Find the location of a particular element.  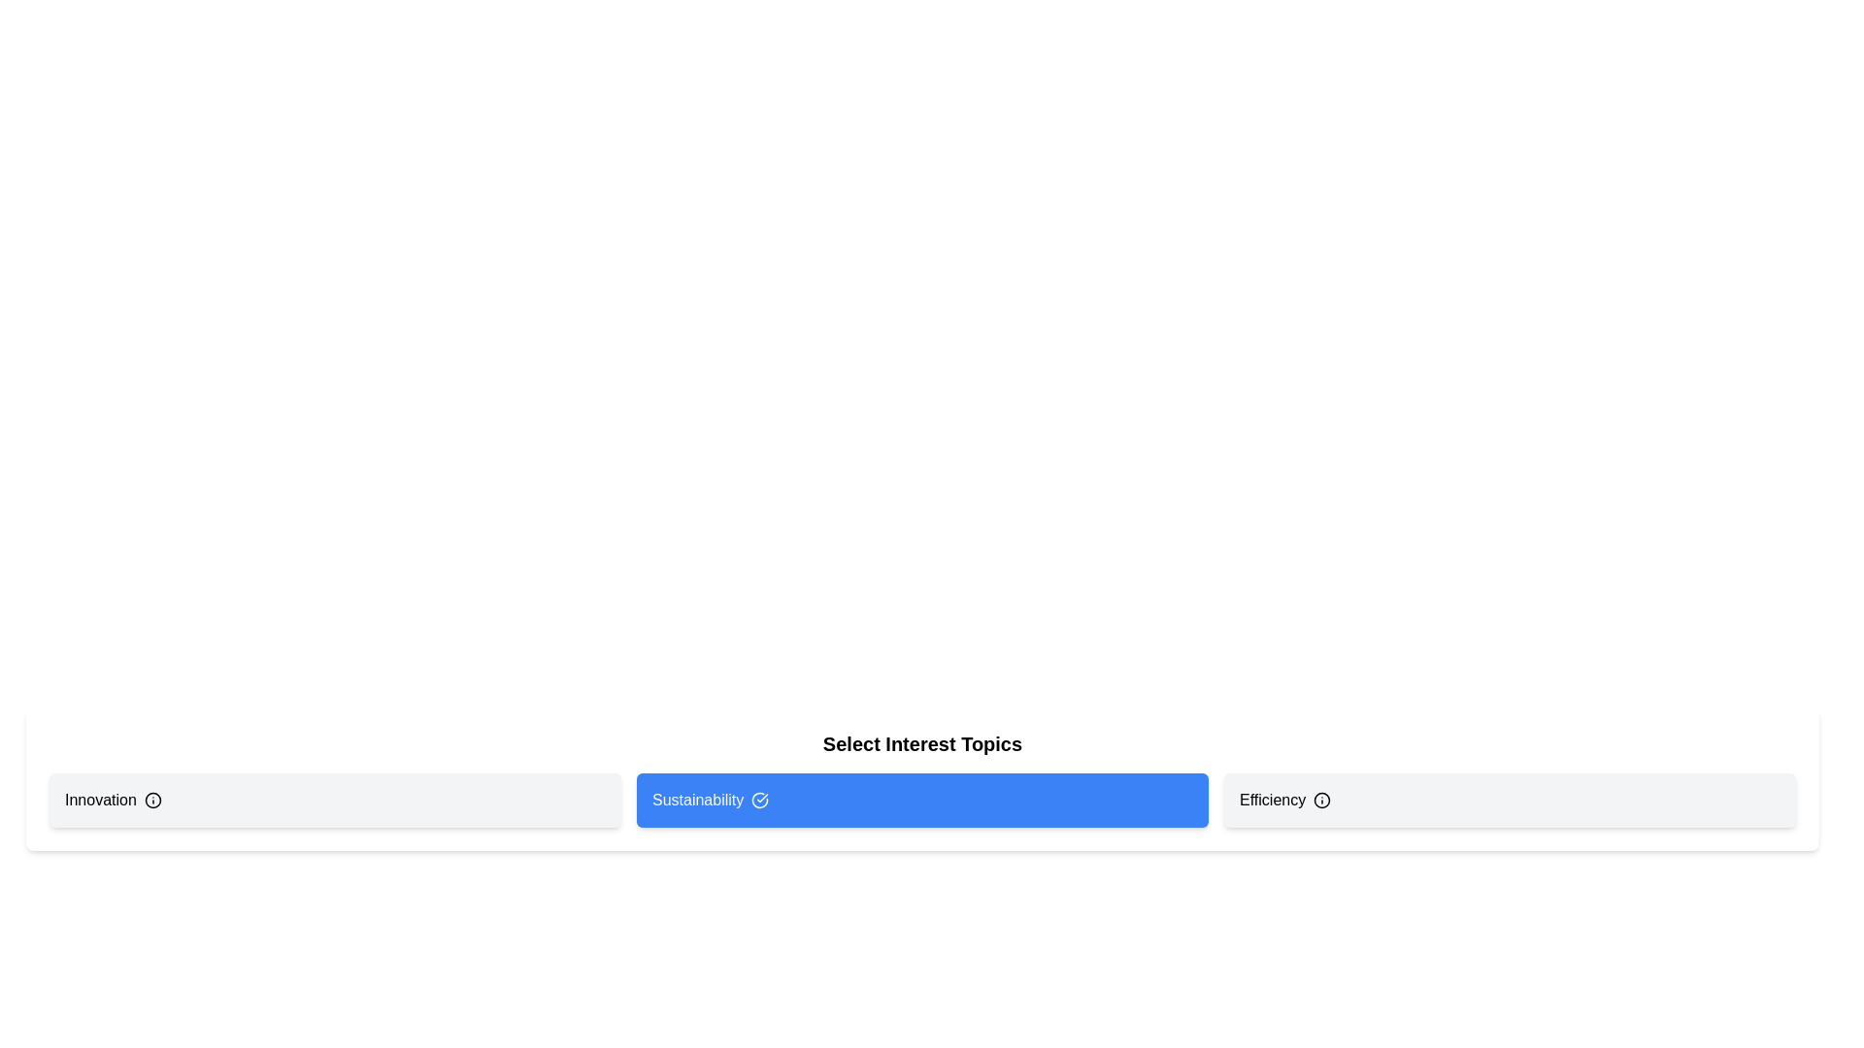

the tag Efficiency to observe its hover state or tooltip is located at coordinates (1509, 801).